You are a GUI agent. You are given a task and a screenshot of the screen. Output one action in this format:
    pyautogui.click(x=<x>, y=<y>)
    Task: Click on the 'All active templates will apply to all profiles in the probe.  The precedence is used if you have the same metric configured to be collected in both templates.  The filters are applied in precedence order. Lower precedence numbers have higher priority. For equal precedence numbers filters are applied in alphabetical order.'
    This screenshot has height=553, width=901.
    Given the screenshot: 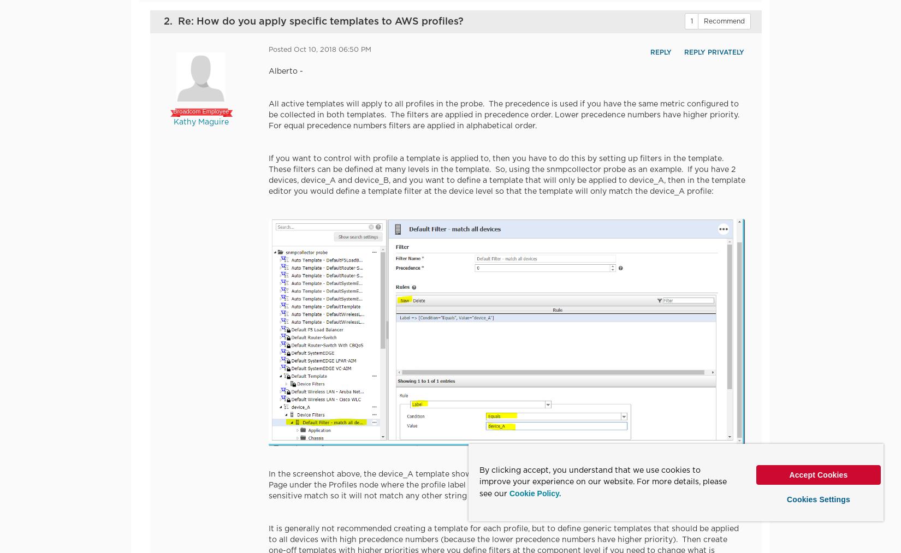 What is the action you would take?
    pyautogui.click(x=503, y=115)
    